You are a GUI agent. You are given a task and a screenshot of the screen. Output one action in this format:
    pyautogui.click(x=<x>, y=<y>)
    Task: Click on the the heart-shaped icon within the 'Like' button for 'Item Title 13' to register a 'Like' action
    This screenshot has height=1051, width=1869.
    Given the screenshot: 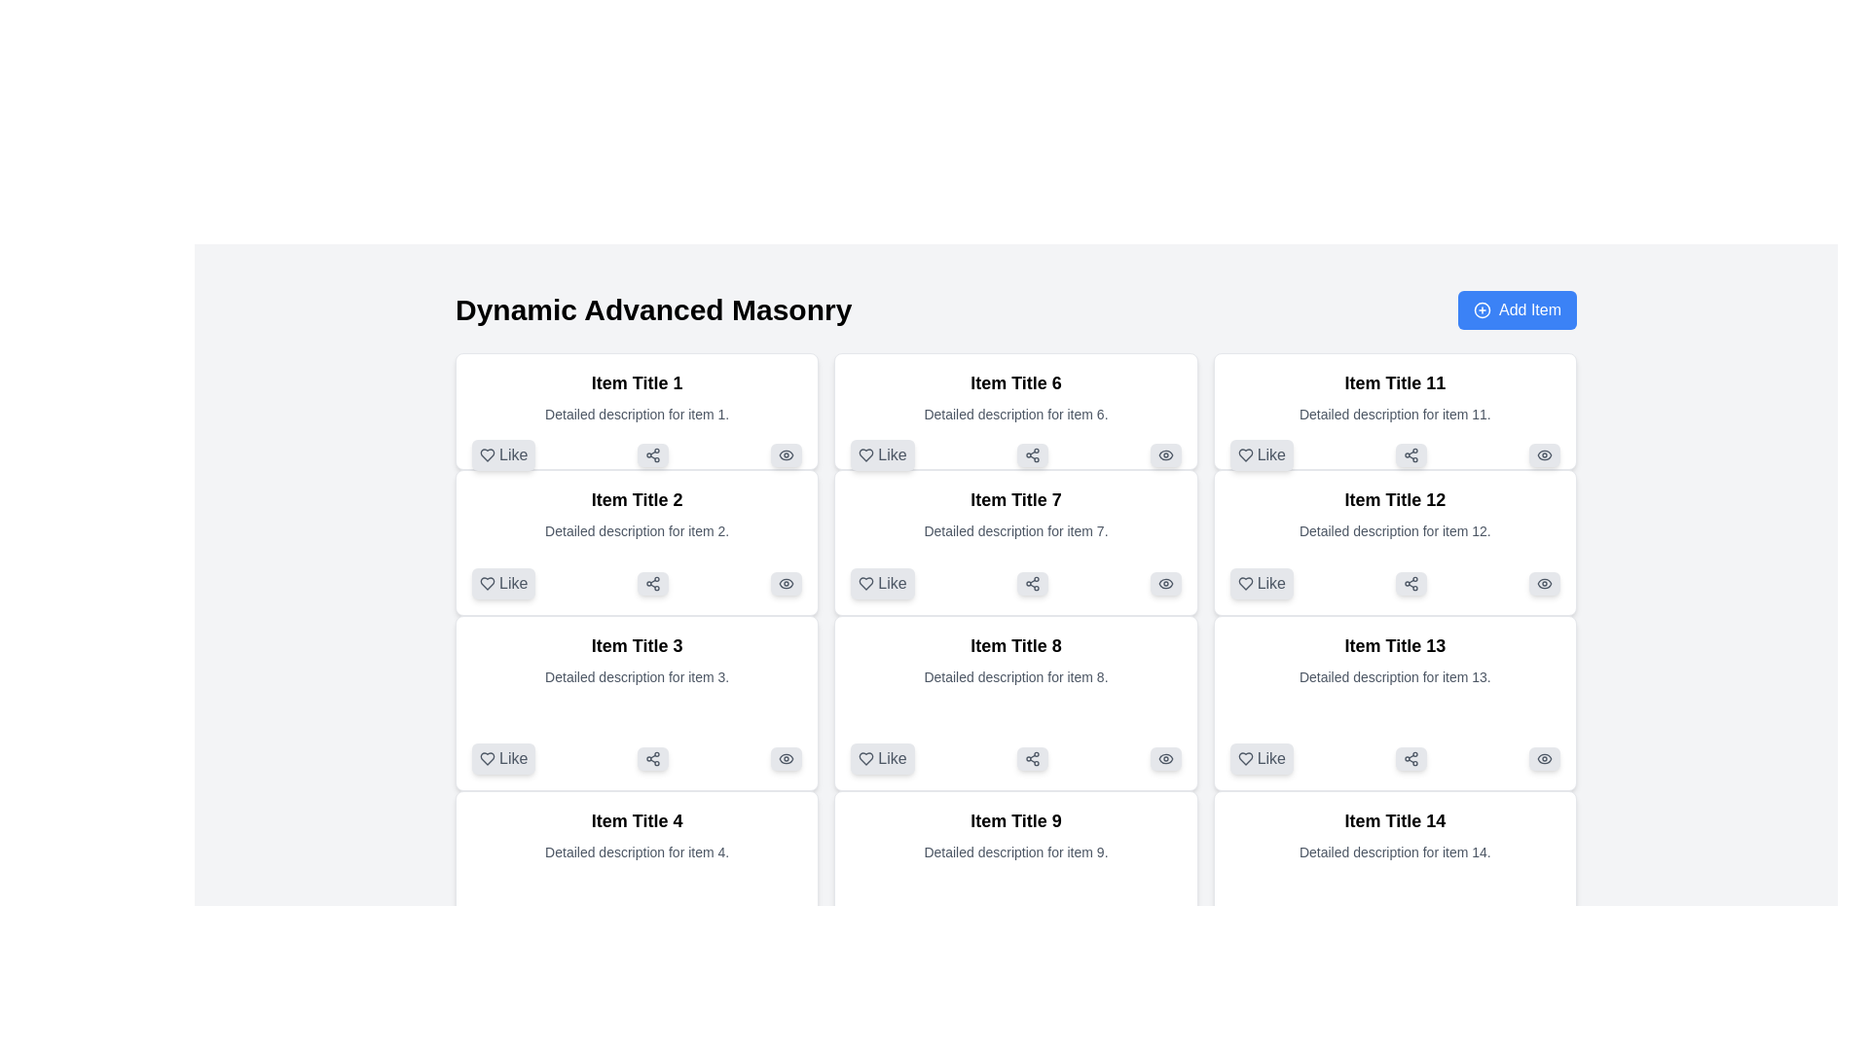 What is the action you would take?
    pyautogui.click(x=1244, y=757)
    